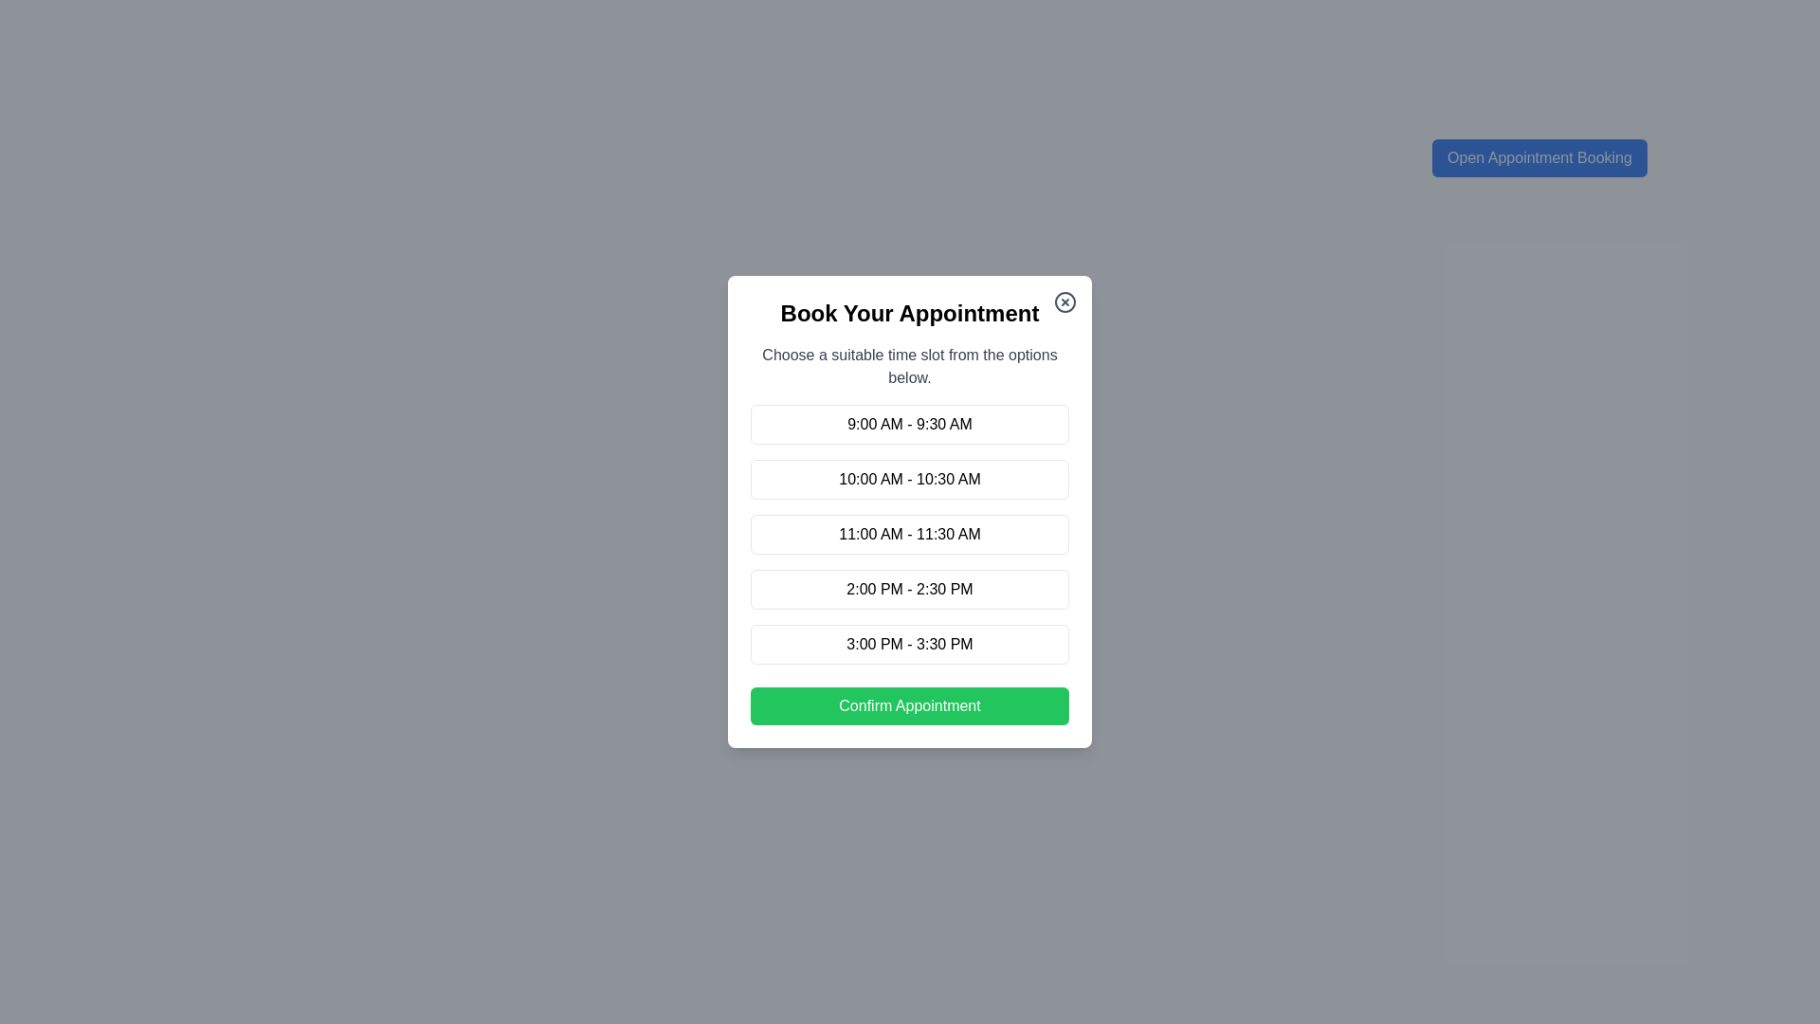 The height and width of the screenshot is (1024, 1820). I want to click on the Close button located at the top-right corner of the white card to change its color, so click(1065, 302).